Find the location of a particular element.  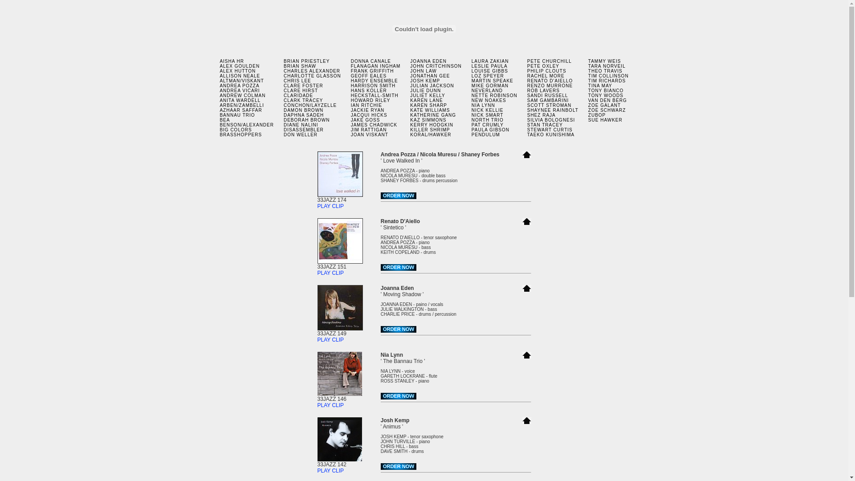

'FRANK GRIFFITH' is located at coordinates (350, 70).